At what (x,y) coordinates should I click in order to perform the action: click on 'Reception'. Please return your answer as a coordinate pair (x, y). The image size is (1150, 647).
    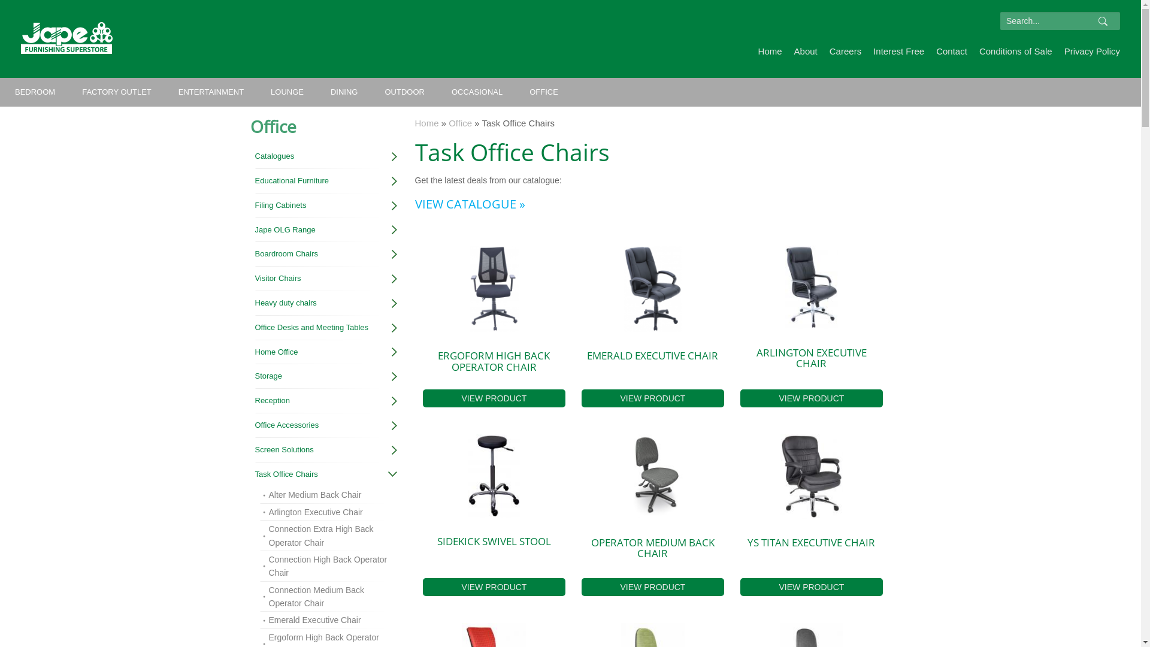
    Looking at the image, I should click on (255, 401).